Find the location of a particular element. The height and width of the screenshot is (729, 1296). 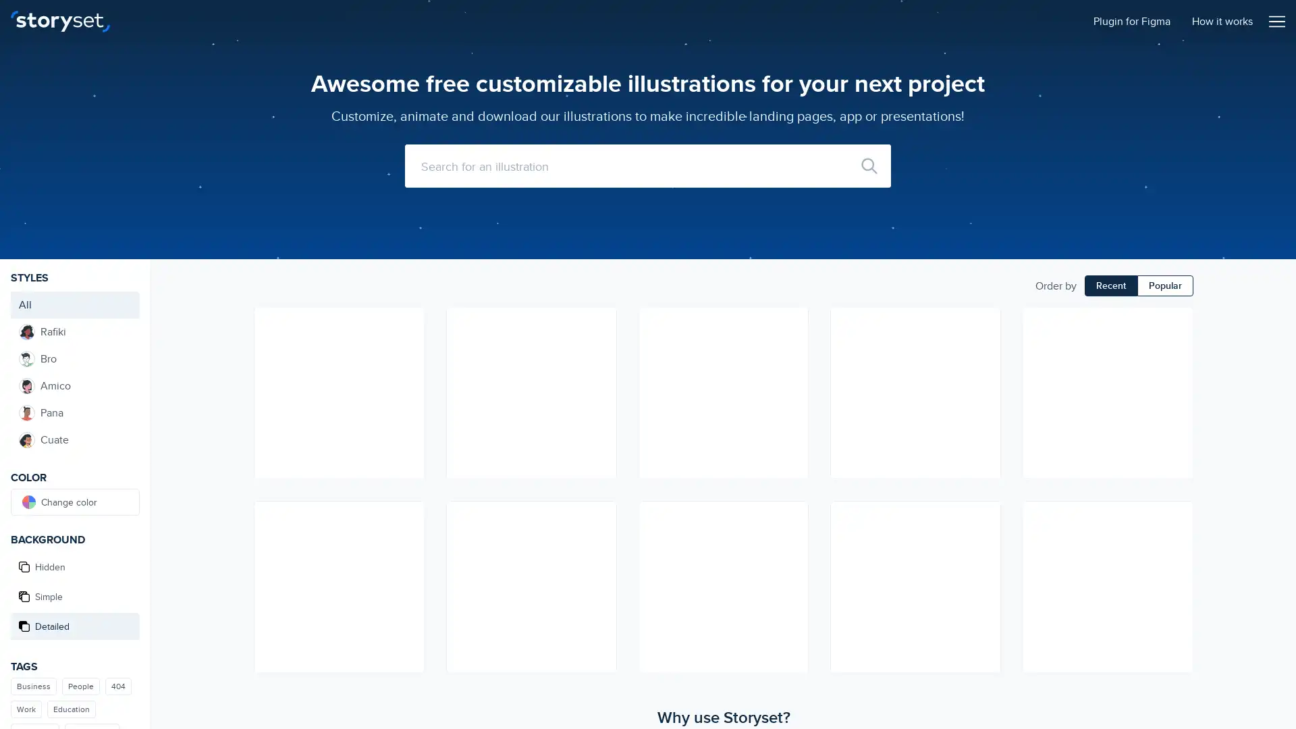

Popular is located at coordinates (1164, 285).